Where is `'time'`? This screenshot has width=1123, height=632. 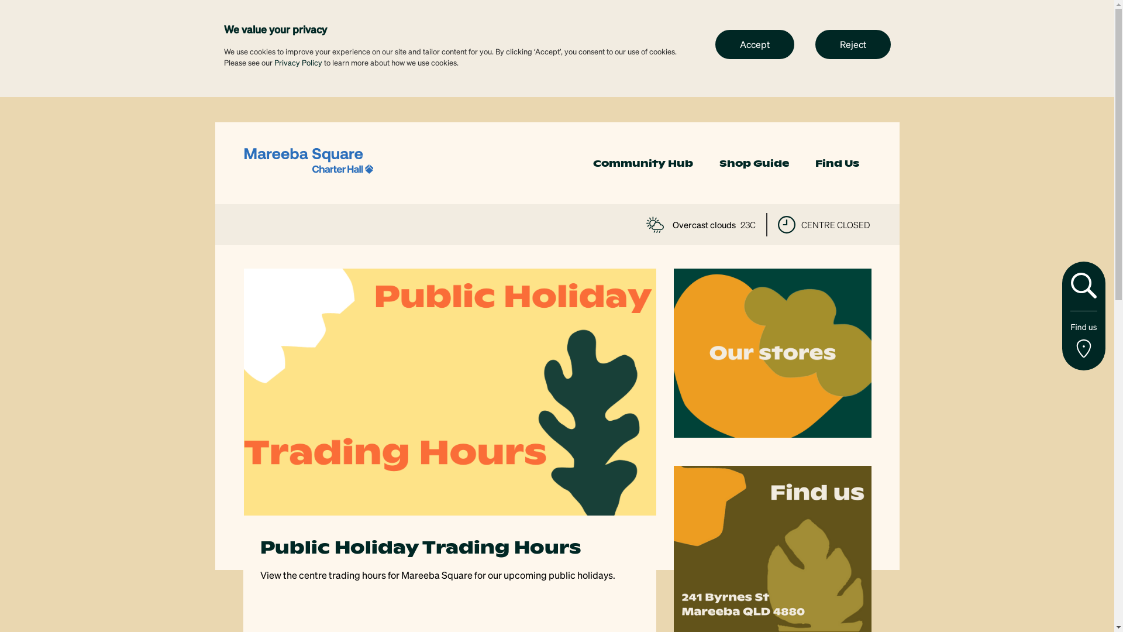
'time' is located at coordinates (786, 225).